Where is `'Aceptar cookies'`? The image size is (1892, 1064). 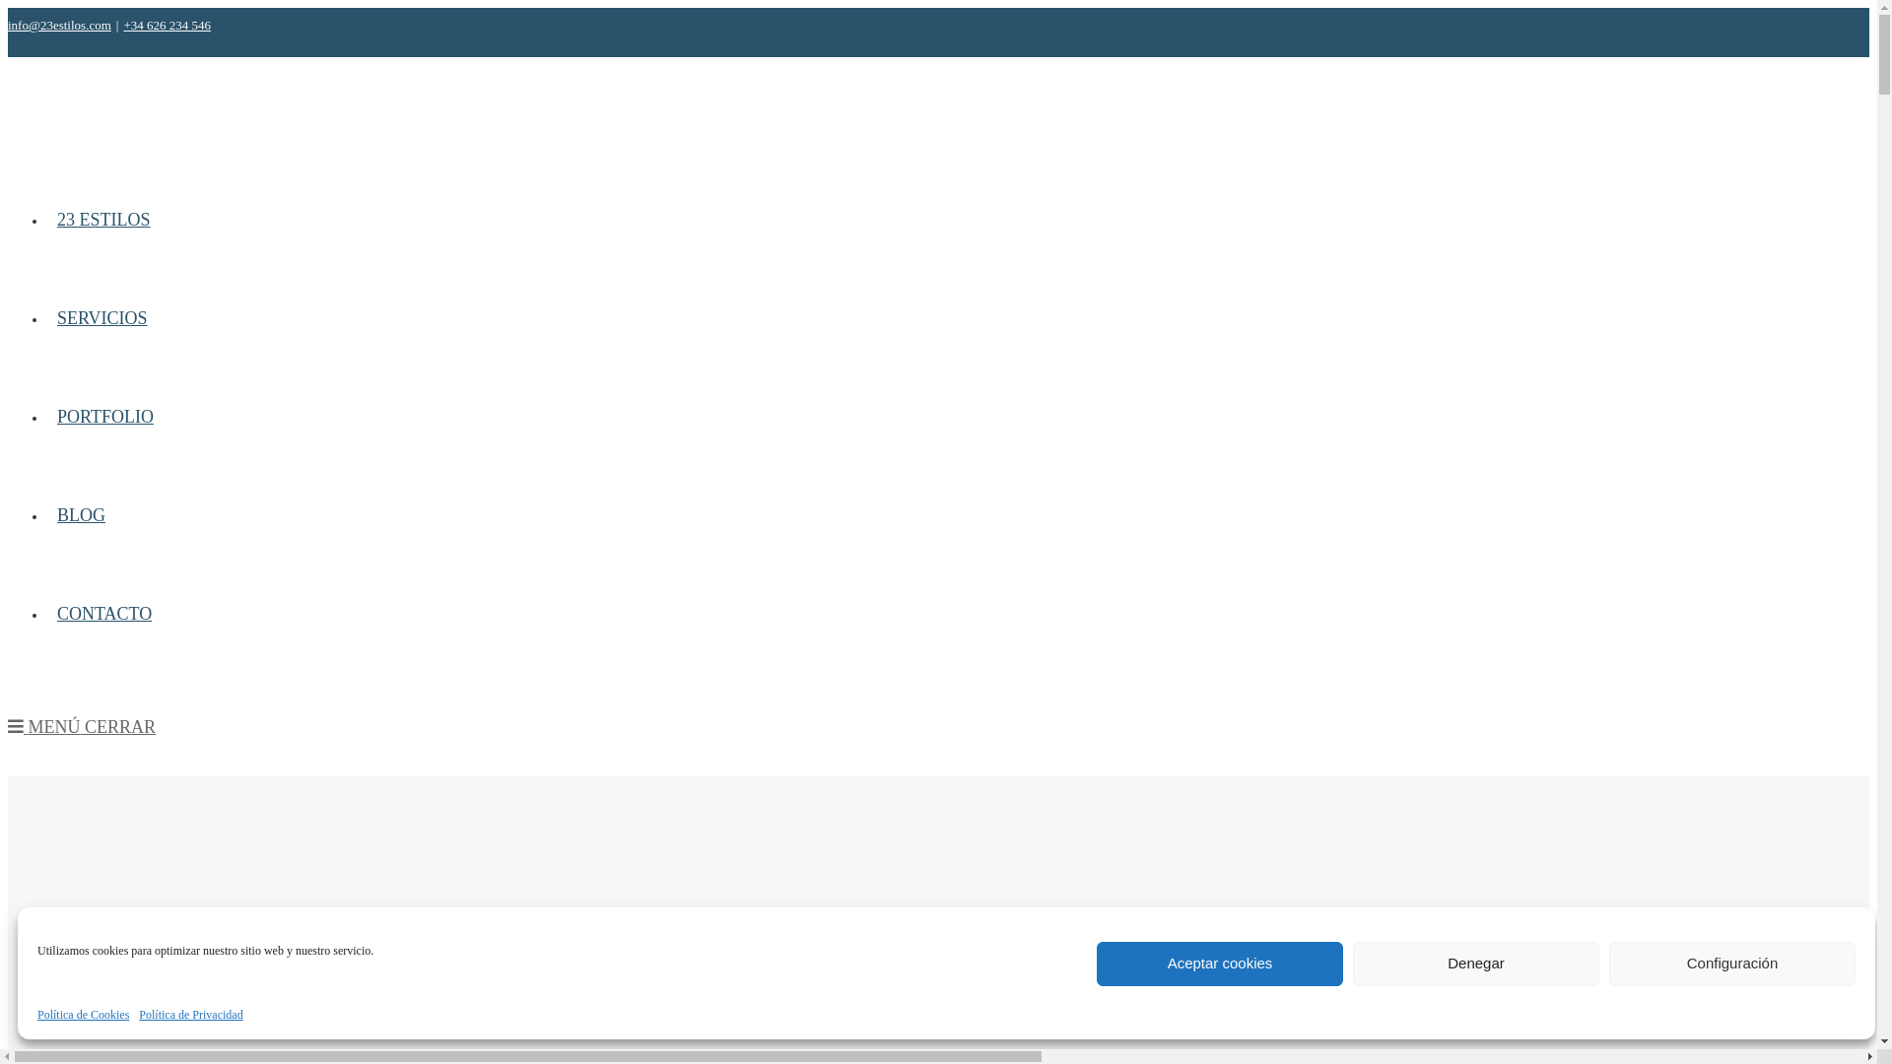 'Aceptar cookies' is located at coordinates (1096, 963).